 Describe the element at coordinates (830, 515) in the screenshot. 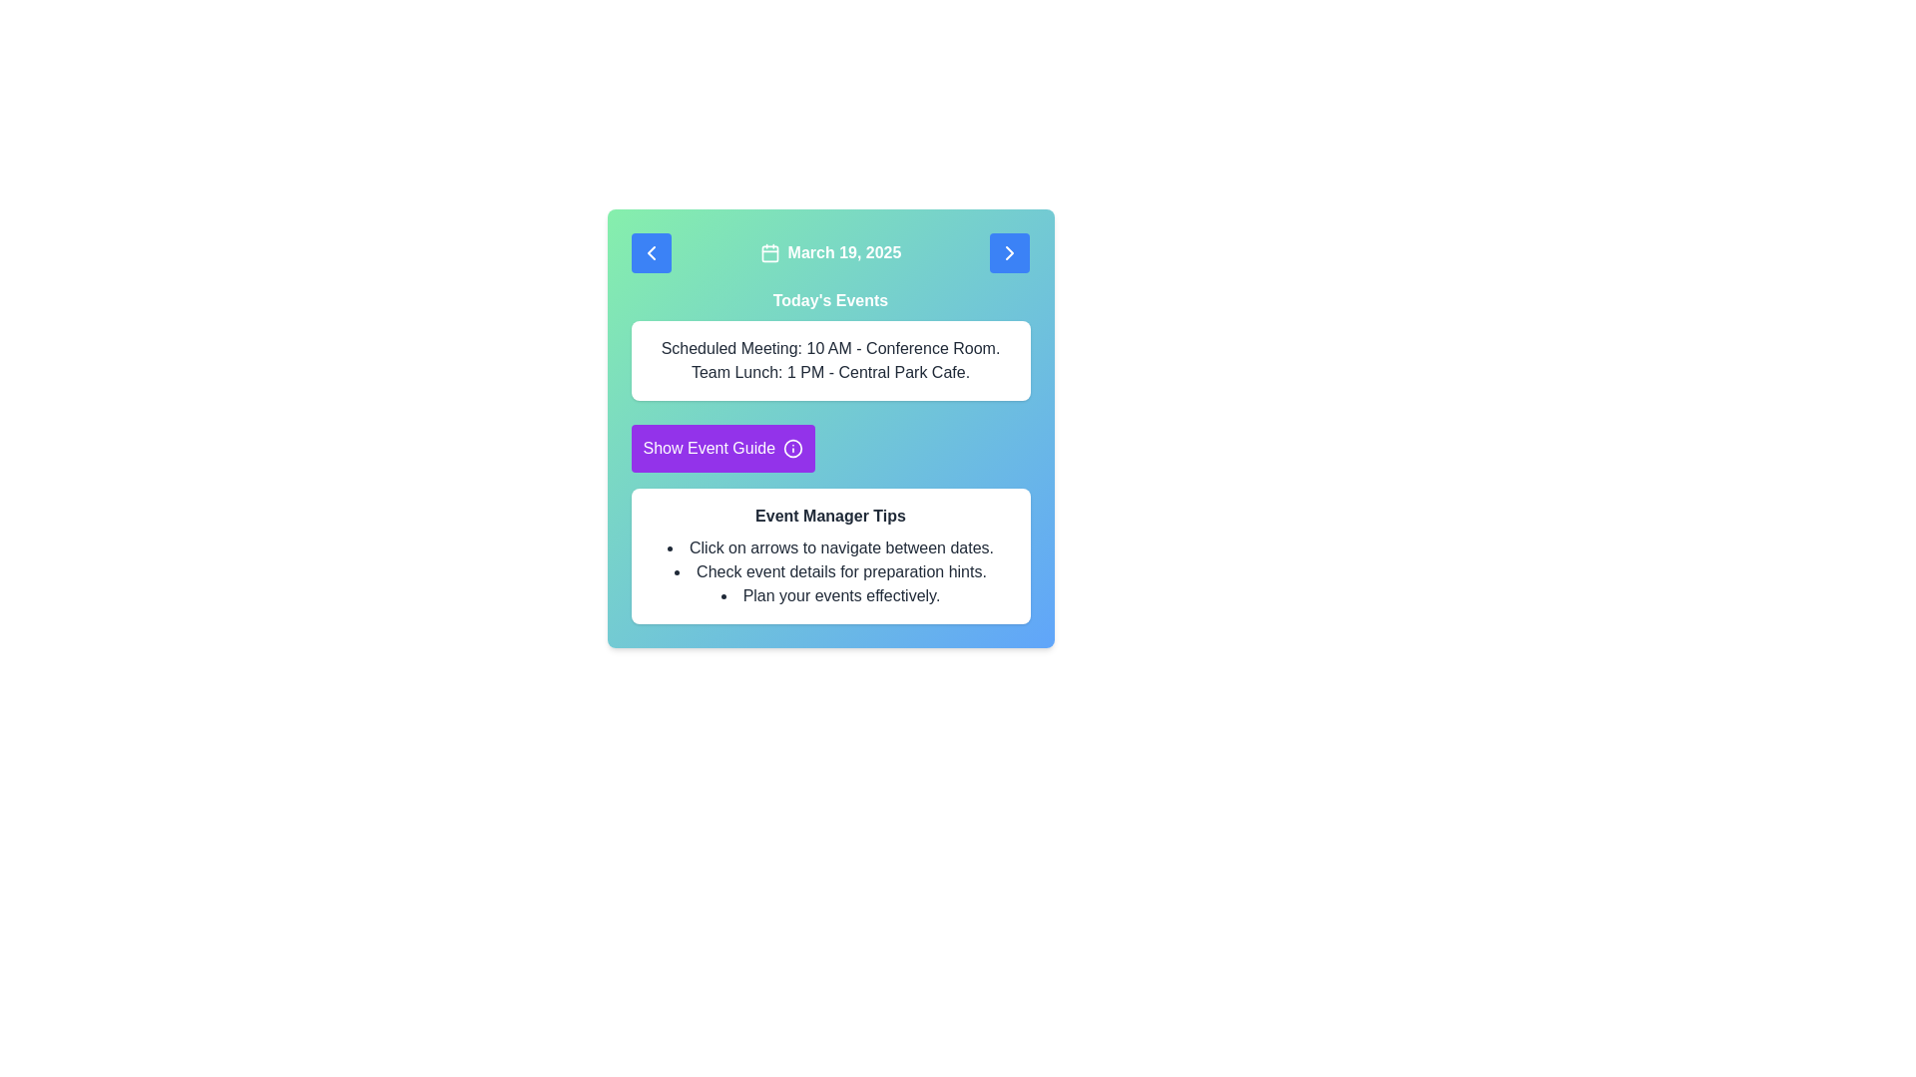

I see `the title text 'Event Manager Tips' which is styled in bold font and located inside a white rectangular box with rounded corners, positioned within a larger teal card interface, and directly above a bulleted list` at that location.